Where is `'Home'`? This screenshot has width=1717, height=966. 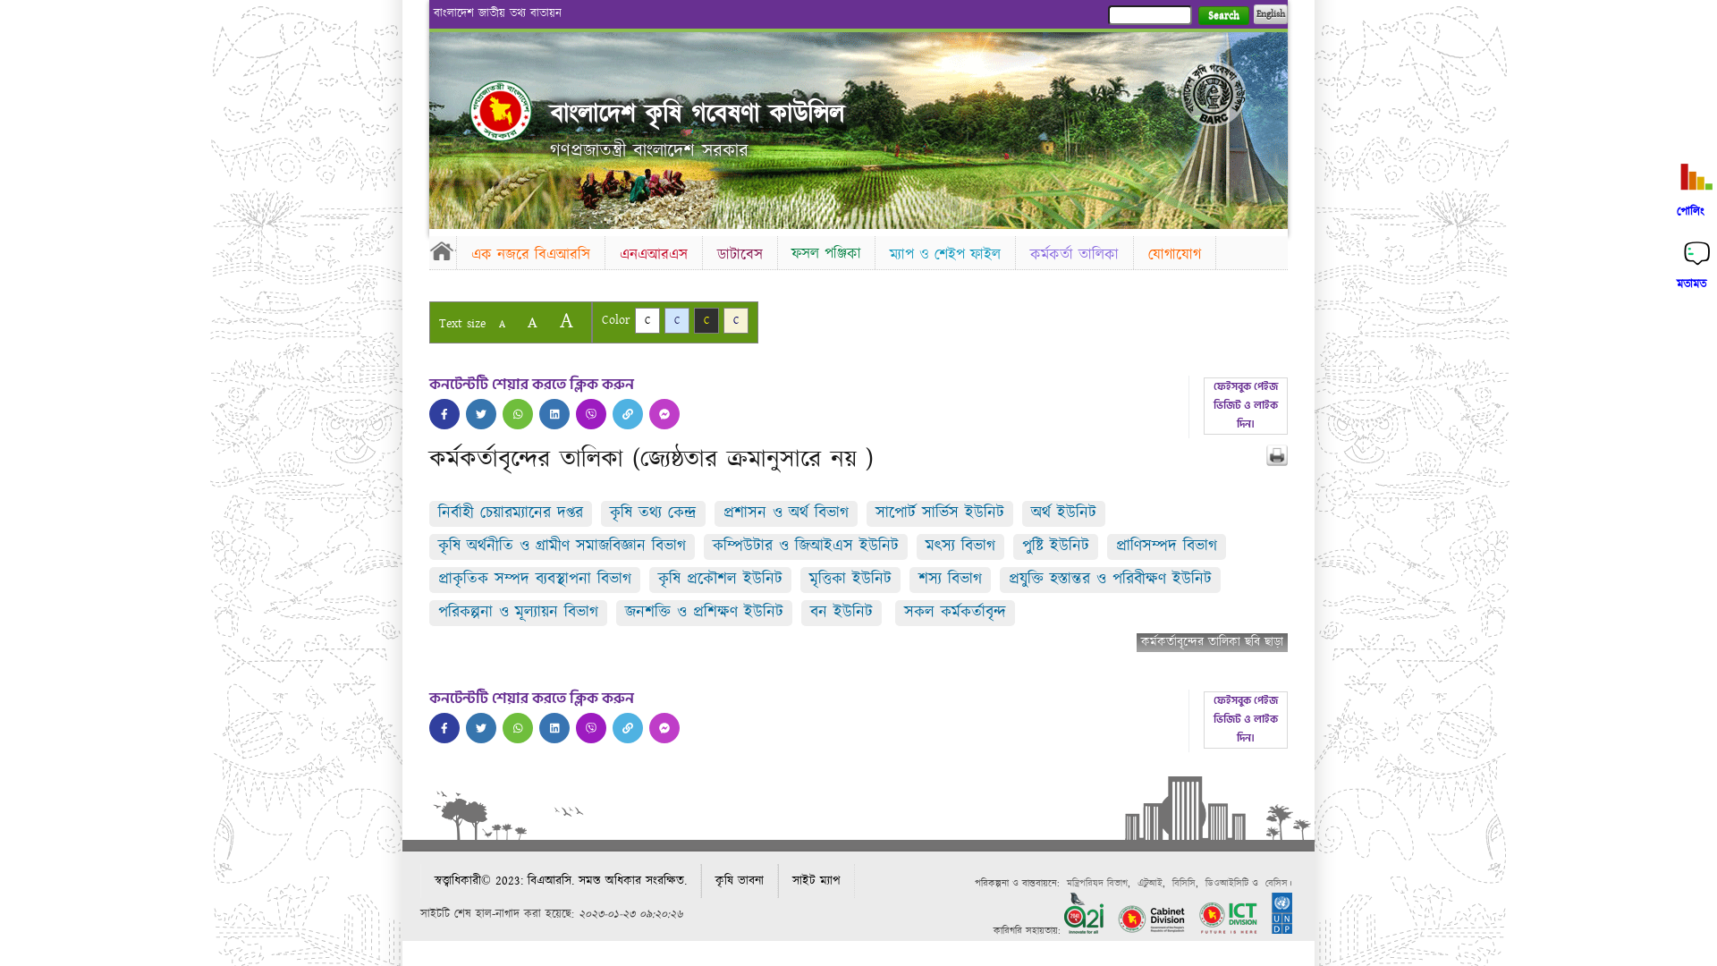 'Home' is located at coordinates (501, 110).